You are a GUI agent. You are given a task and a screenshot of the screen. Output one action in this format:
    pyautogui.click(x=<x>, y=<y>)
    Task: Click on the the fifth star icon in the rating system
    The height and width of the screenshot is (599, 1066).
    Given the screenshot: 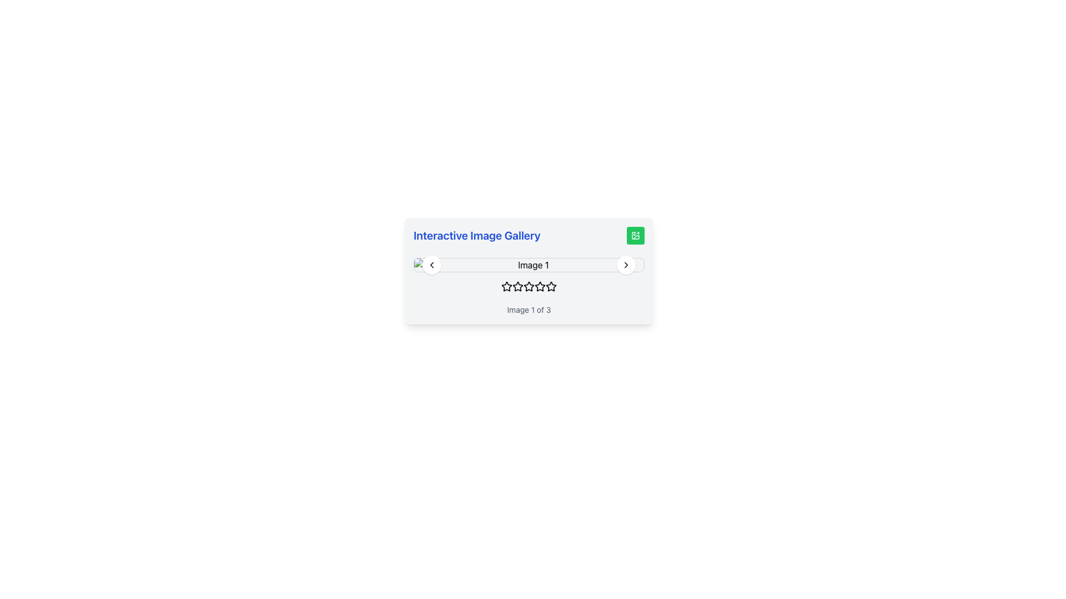 What is the action you would take?
    pyautogui.click(x=551, y=286)
    